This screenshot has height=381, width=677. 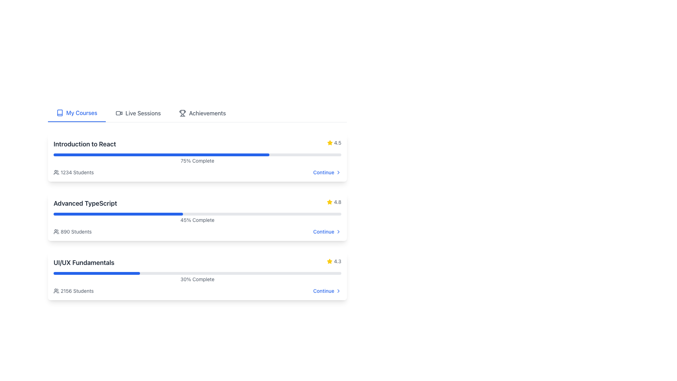 I want to click on the text label displaying '890 Students' located within the 'Advanced TypeScript' card beneath the progress bar, so click(x=76, y=231).